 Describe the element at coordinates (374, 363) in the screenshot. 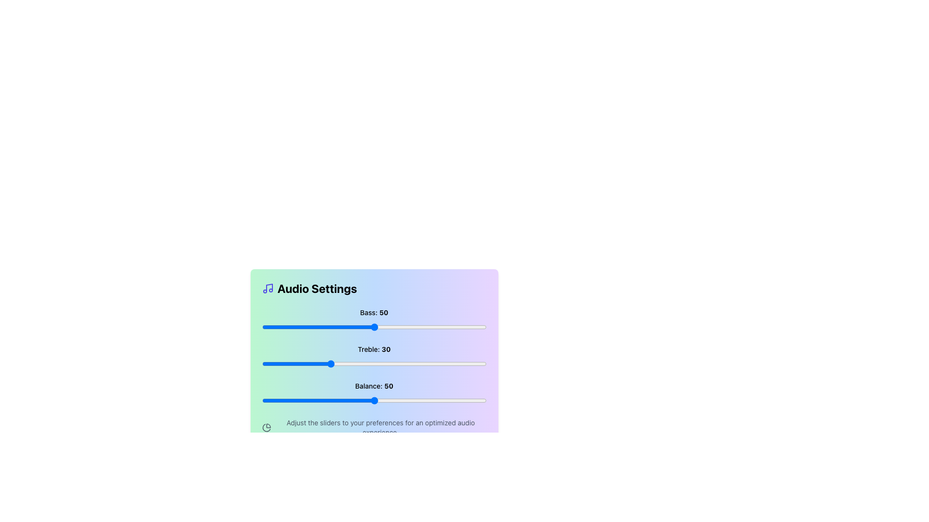

I see `the Treble audio setting slider` at that location.